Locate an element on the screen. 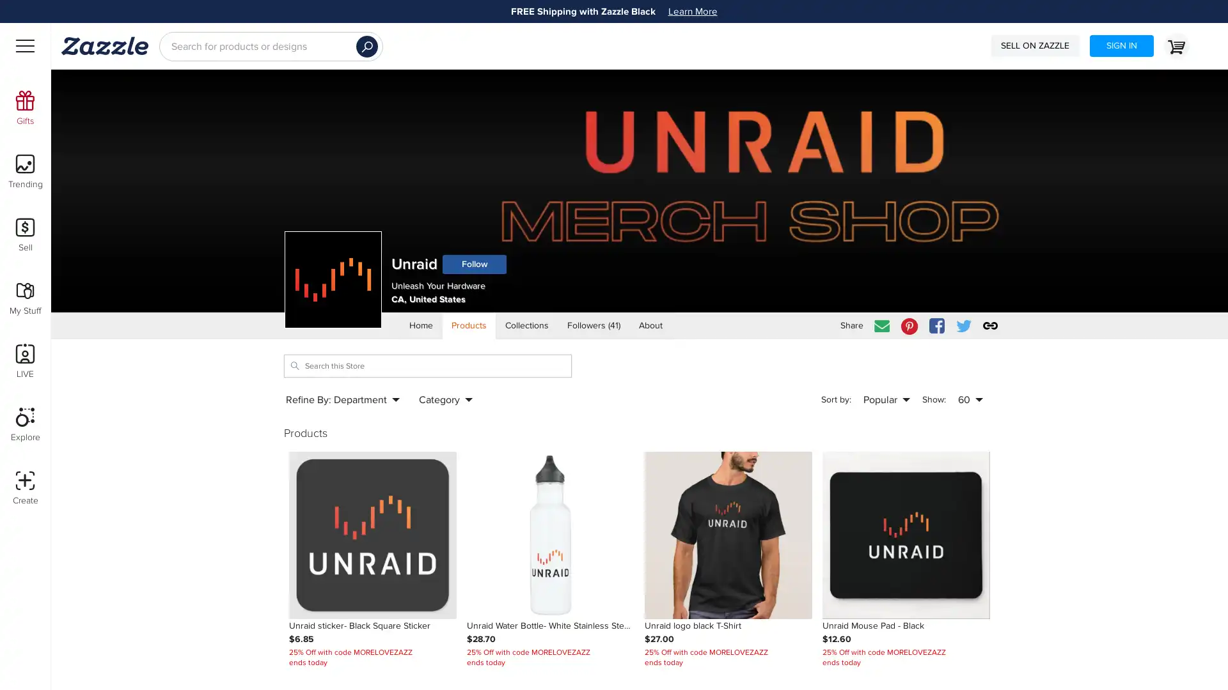 The height and width of the screenshot is (690, 1228). A Search is located at coordinates (366, 46).